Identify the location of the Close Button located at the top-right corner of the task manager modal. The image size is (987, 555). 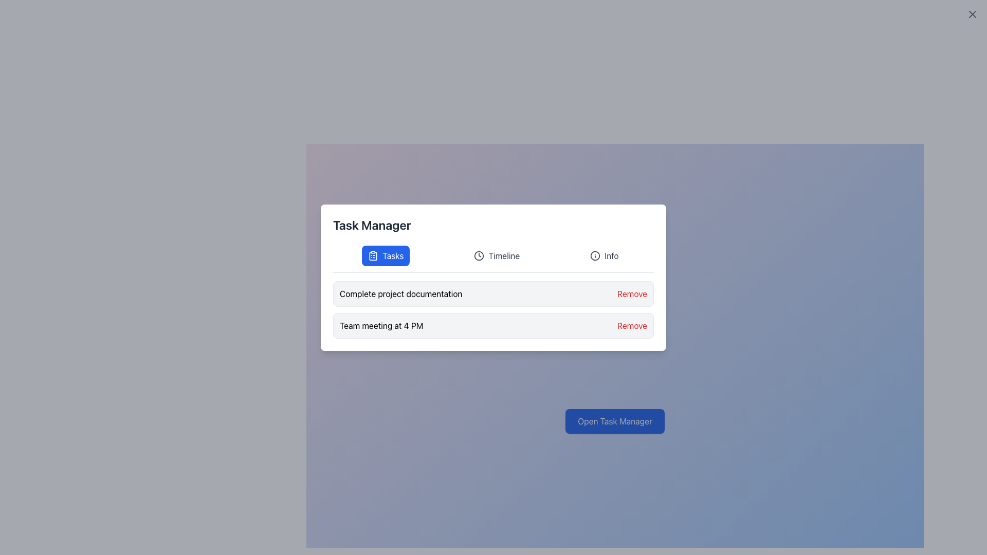
(972, 14).